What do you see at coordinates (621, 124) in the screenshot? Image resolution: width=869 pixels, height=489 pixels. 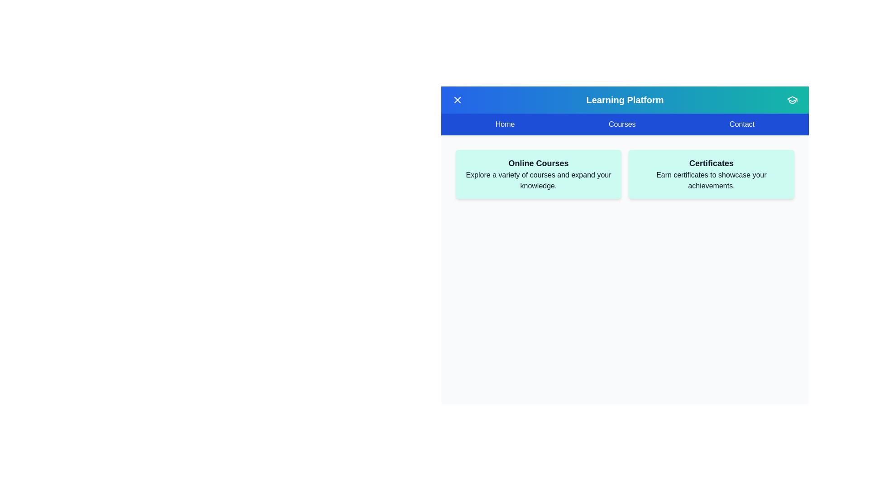 I see `the menu item Courses to observe the hover effect` at bounding box center [621, 124].